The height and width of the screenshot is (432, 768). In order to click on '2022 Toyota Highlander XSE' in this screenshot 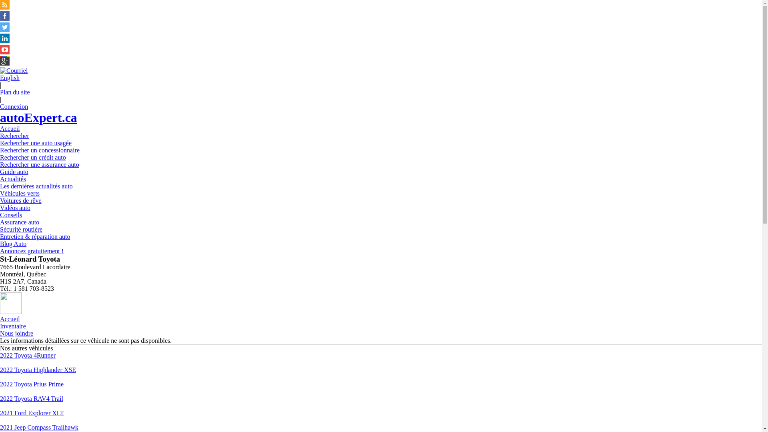, I will do `click(38, 370)`.